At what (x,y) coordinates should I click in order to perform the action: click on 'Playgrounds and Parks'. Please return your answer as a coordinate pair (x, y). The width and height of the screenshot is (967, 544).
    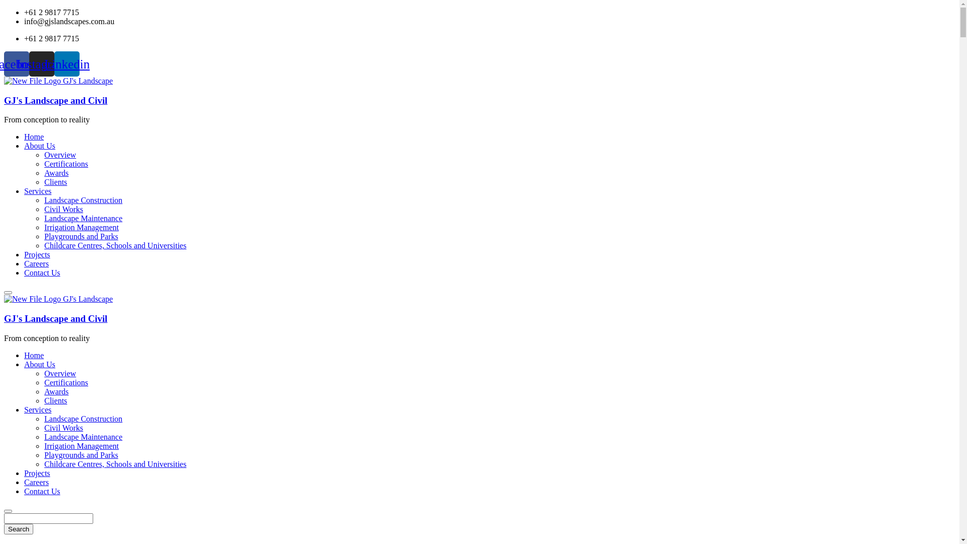
    Looking at the image, I should click on (81, 455).